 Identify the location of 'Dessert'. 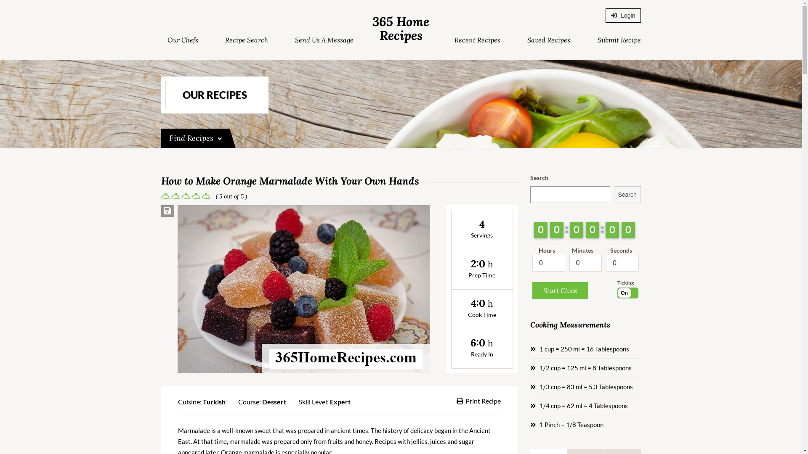
(274, 401).